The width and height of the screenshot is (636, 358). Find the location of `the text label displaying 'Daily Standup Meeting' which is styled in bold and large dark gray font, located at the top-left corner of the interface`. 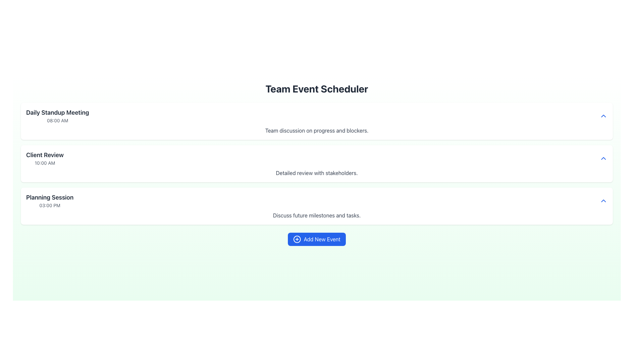

the text label displaying 'Daily Standup Meeting' which is styled in bold and large dark gray font, located at the top-left corner of the interface is located at coordinates (57, 112).